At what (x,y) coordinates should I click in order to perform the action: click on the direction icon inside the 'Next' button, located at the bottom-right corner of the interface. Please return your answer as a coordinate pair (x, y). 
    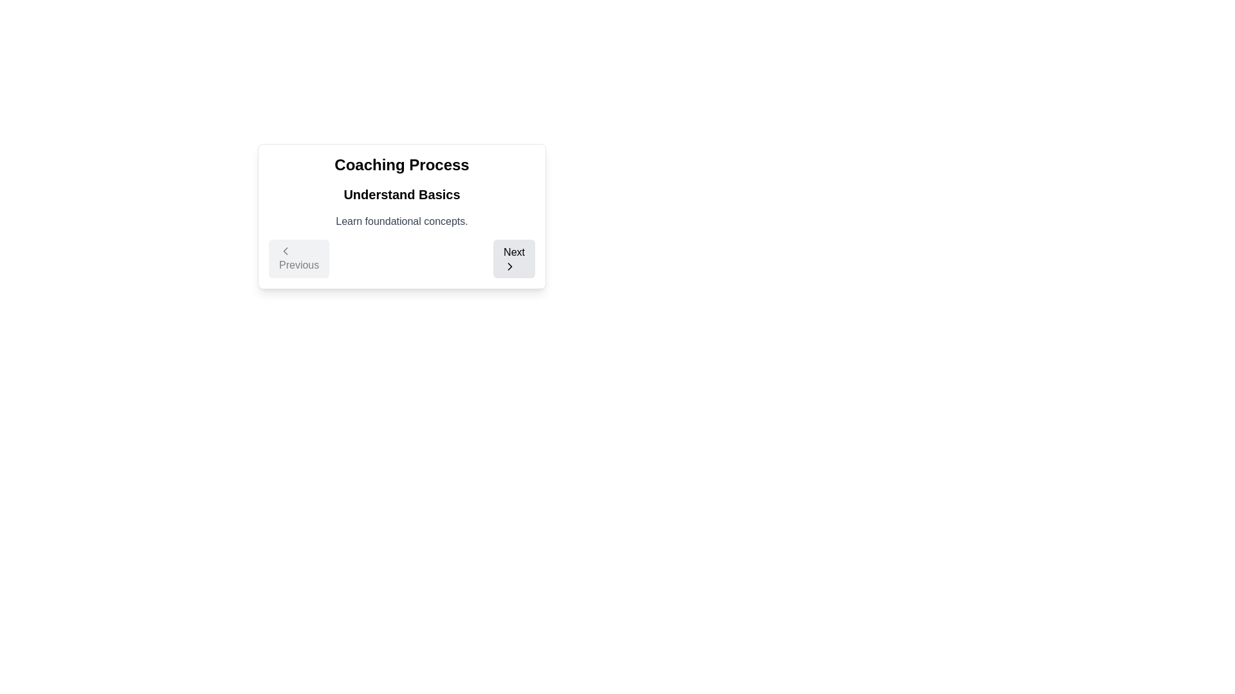
    Looking at the image, I should click on (509, 266).